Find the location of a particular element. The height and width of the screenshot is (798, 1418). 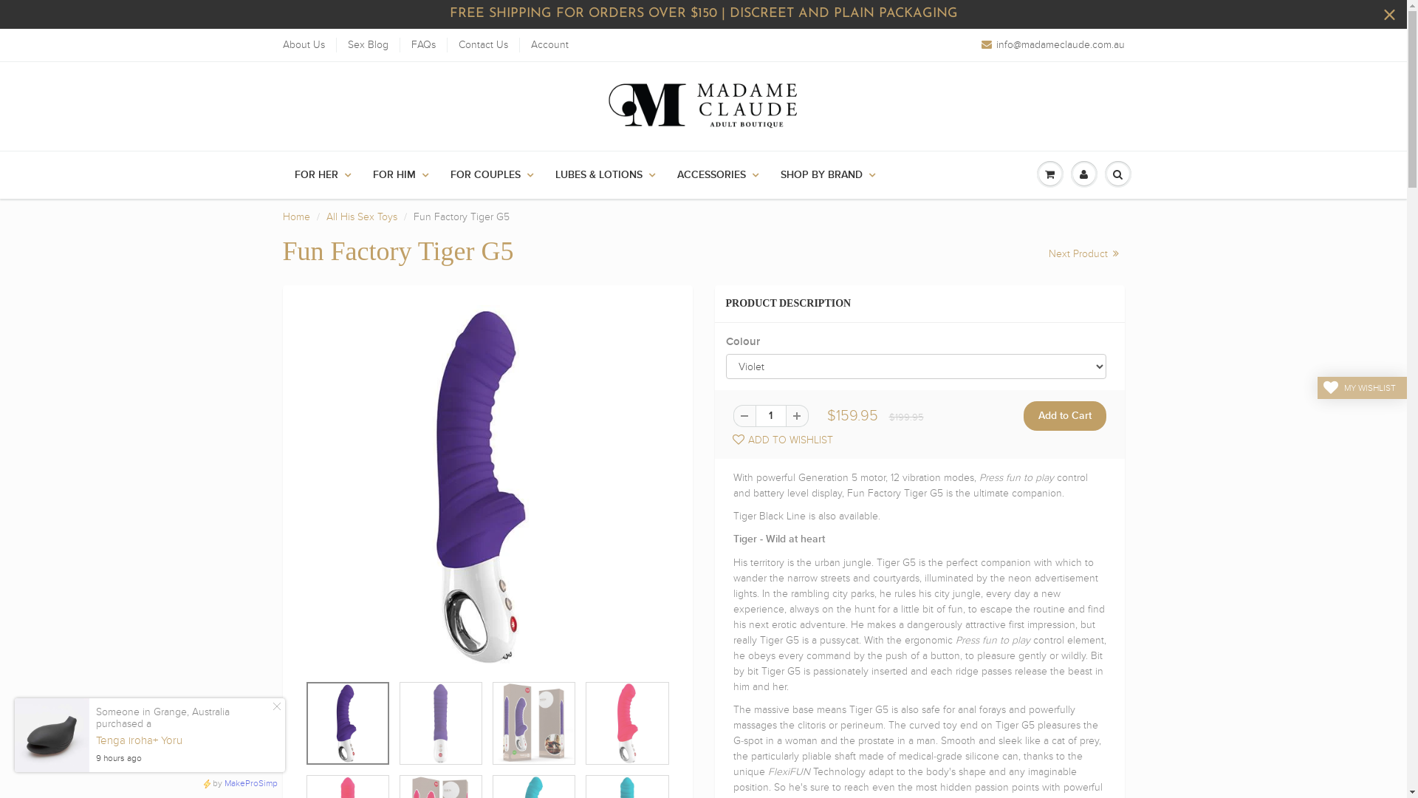

'All His Sex Toys' is located at coordinates (361, 216).